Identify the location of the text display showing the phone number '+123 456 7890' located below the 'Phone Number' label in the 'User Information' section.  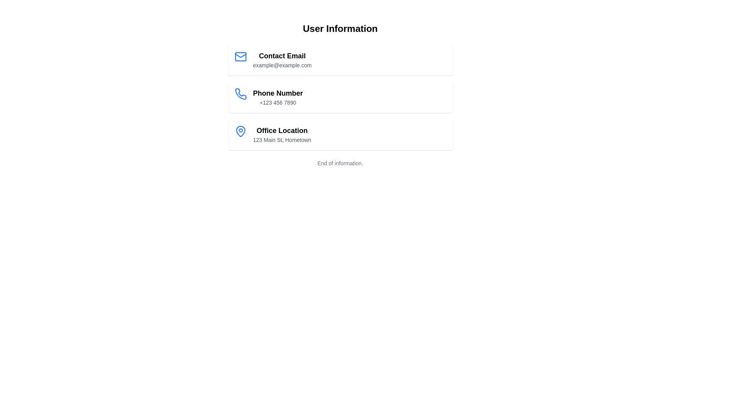
(278, 102).